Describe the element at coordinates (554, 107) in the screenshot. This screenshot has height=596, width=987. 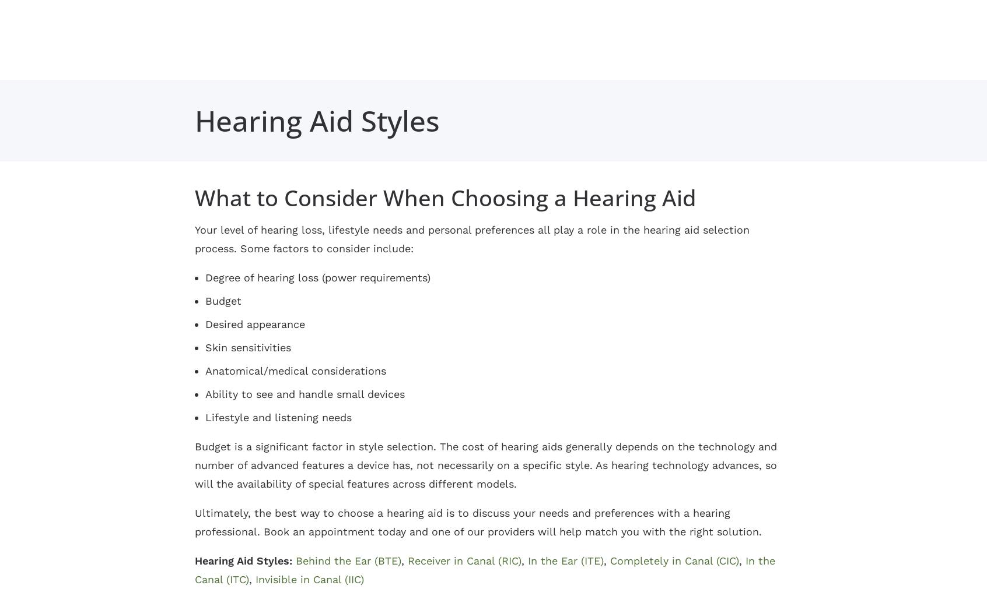
I see `'Hearing and Balance'` at that location.